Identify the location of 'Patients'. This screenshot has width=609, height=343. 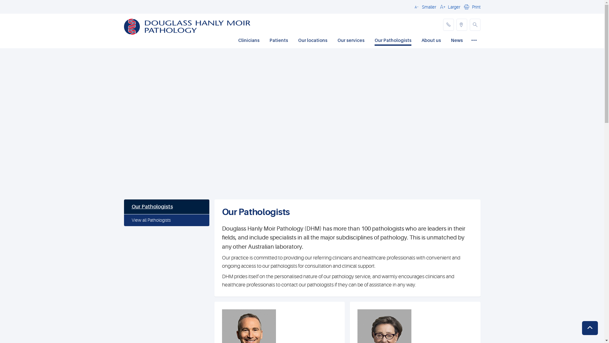
(278, 41).